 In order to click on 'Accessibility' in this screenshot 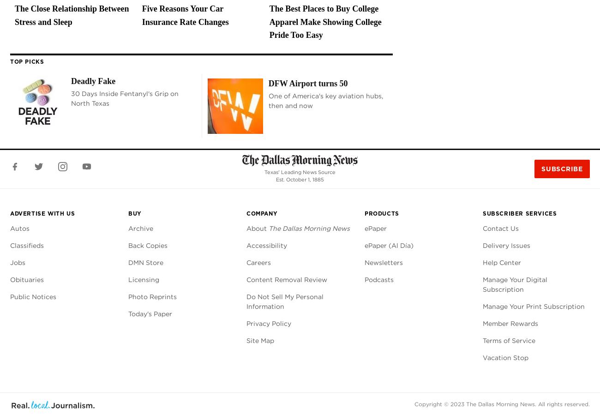, I will do `click(246, 245)`.